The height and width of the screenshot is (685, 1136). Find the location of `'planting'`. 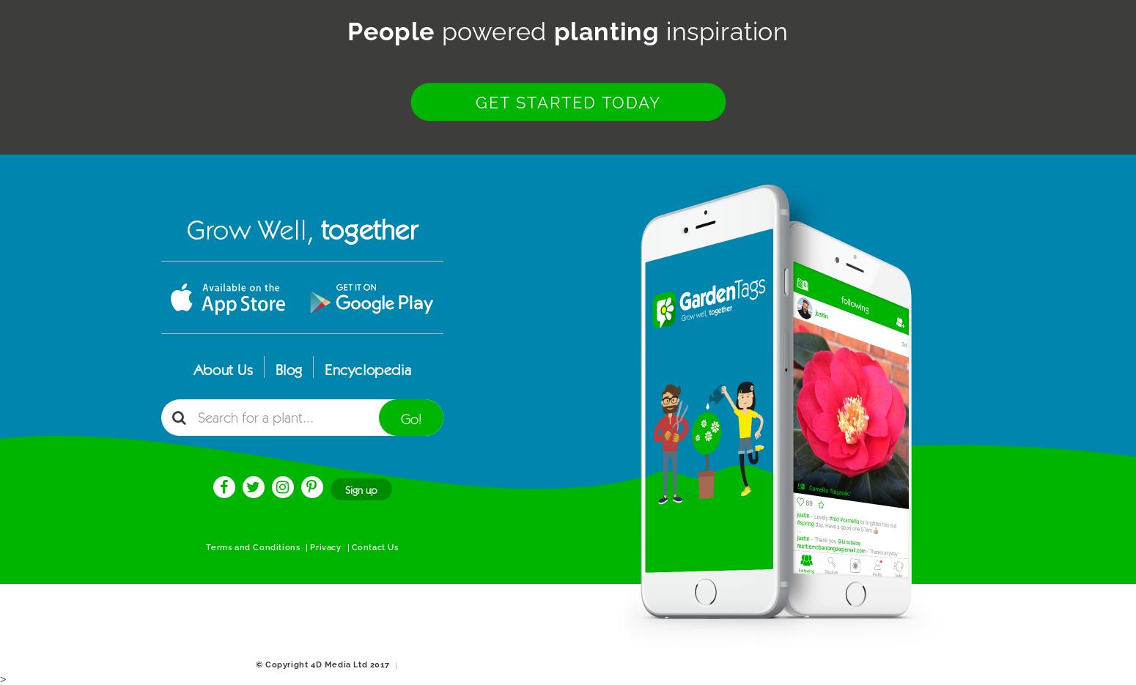

'planting' is located at coordinates (605, 31).